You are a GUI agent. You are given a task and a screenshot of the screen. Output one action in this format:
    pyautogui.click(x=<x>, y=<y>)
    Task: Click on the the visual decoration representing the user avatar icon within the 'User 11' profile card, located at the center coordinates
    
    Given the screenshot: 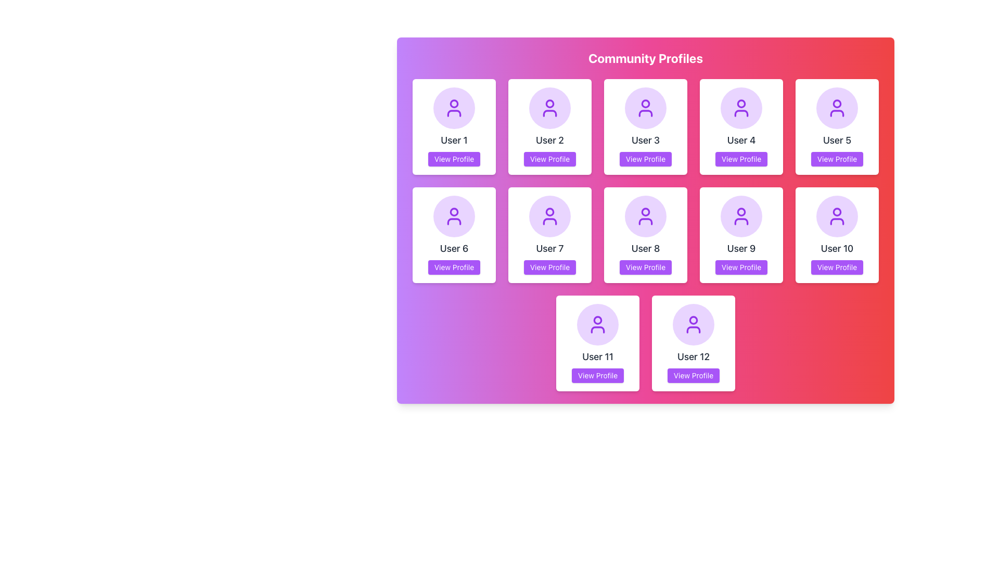 What is the action you would take?
    pyautogui.click(x=597, y=319)
    